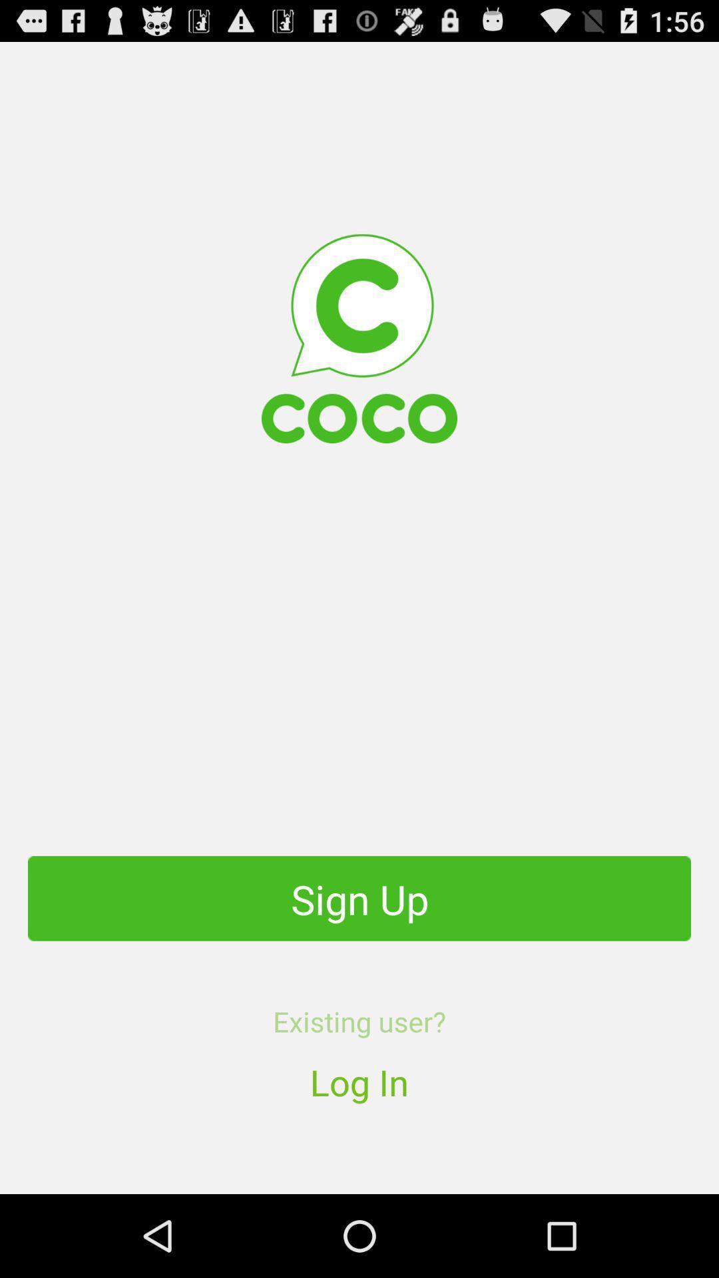  Describe the element at coordinates (359, 898) in the screenshot. I see `the item above the existing user?` at that location.